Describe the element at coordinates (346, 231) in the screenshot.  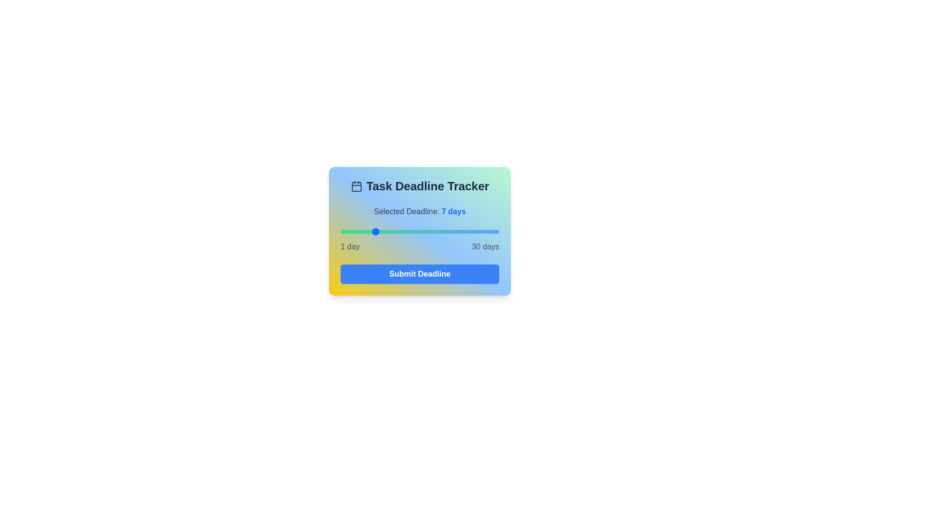
I see `the deadline to 2 days by dragging the slider` at that location.